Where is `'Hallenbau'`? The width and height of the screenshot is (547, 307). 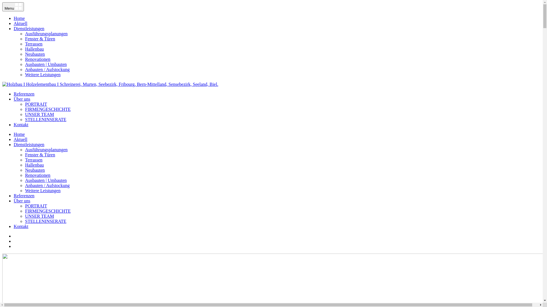 'Hallenbau' is located at coordinates (34, 165).